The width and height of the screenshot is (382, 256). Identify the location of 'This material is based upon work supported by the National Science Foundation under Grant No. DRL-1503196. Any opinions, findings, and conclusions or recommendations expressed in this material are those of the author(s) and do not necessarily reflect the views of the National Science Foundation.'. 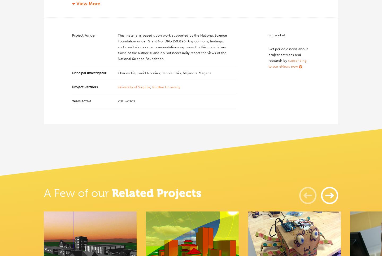
(172, 47).